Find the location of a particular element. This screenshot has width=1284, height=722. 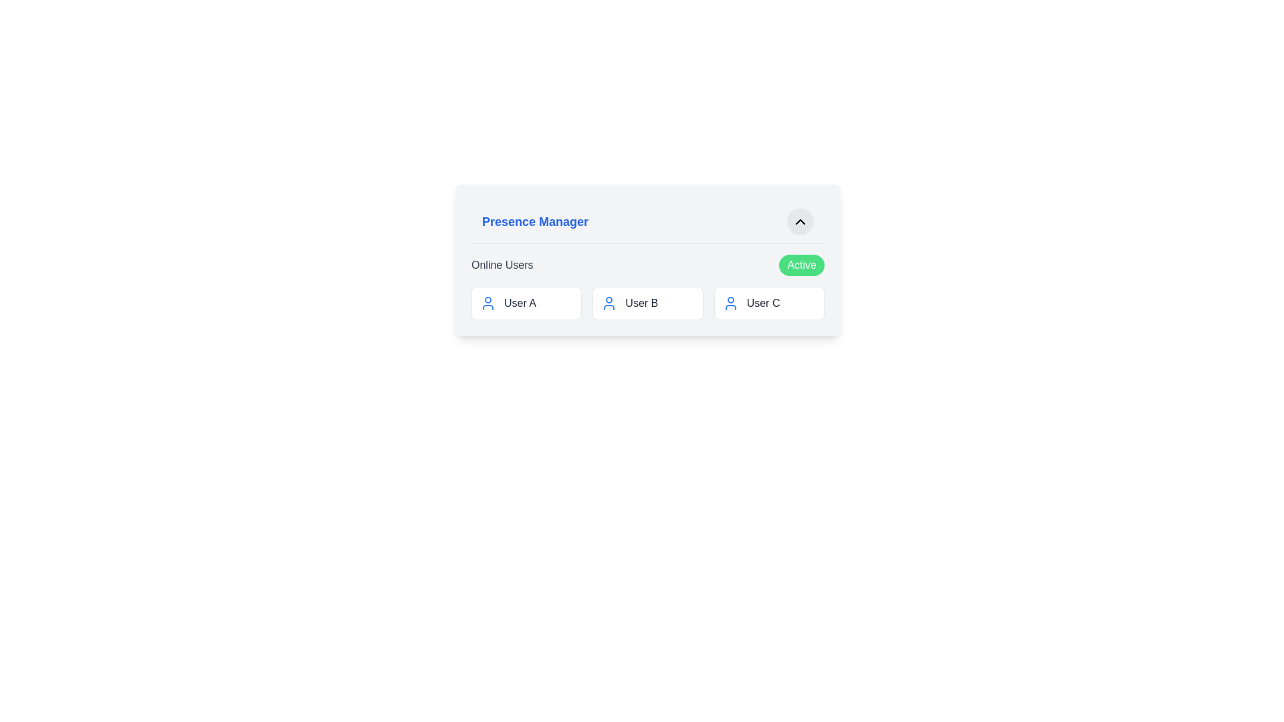

the Status indicator label which is a small, rounded button with a green background and the text 'Active' in white, located to the right of the 'Online Users' text is located at coordinates (802, 265).